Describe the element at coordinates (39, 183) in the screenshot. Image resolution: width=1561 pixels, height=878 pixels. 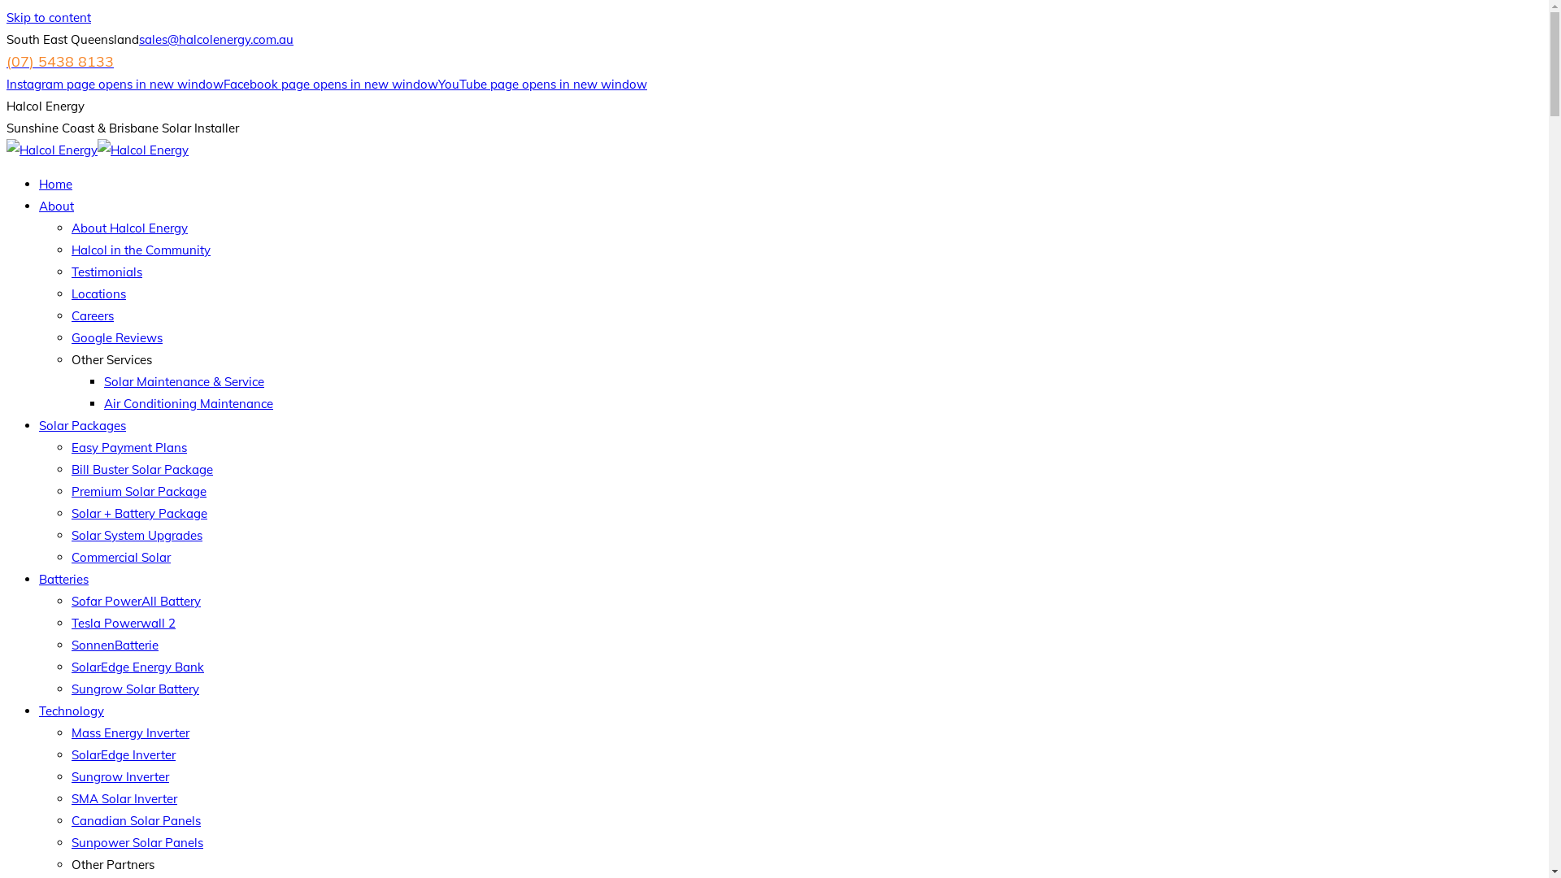
I see `'Home'` at that location.